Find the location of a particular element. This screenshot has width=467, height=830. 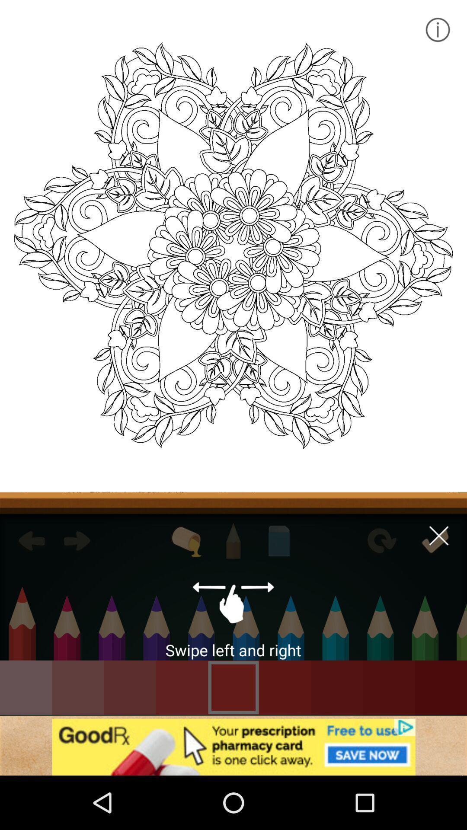

the close icon is located at coordinates (435, 540).